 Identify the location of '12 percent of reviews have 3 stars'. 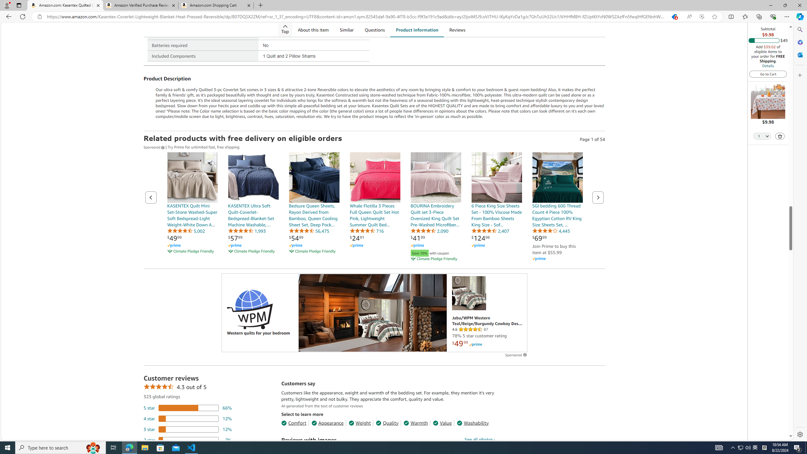
(188, 429).